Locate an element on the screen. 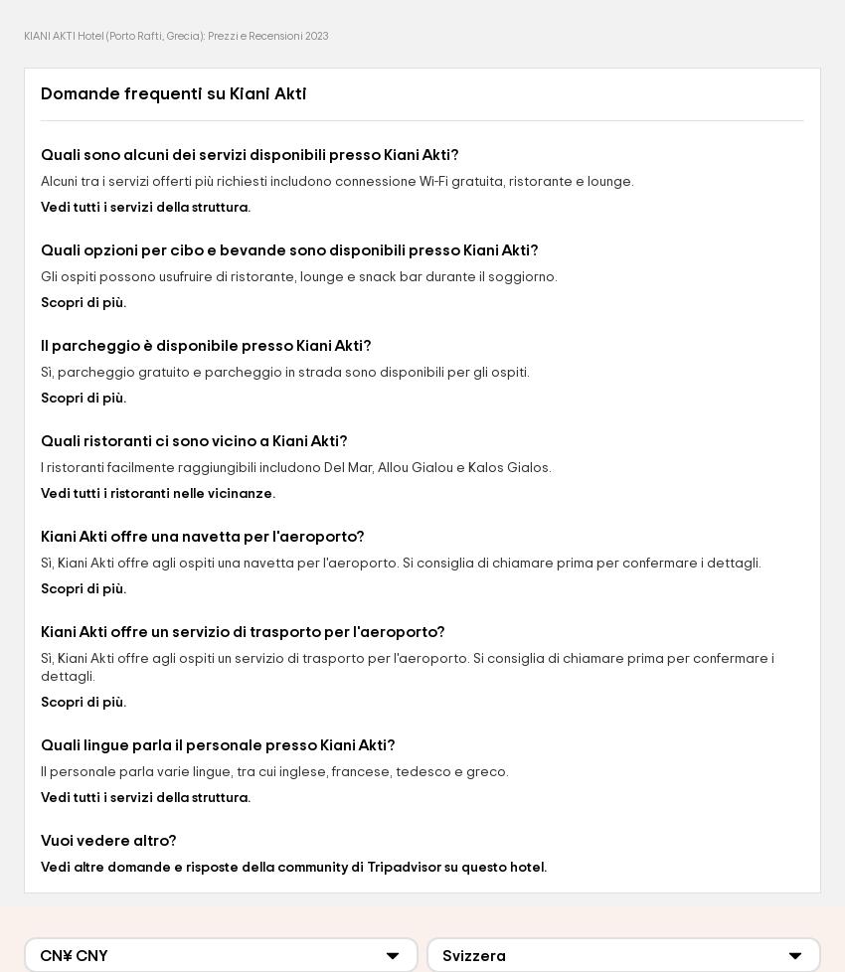 The image size is (845, 972). 'Sì, Kiani Akti offre agli ospiti una navetta per l'aeroporto. Si consiglia di chiamare prima per confermare i dettagli.' is located at coordinates (39, 564).